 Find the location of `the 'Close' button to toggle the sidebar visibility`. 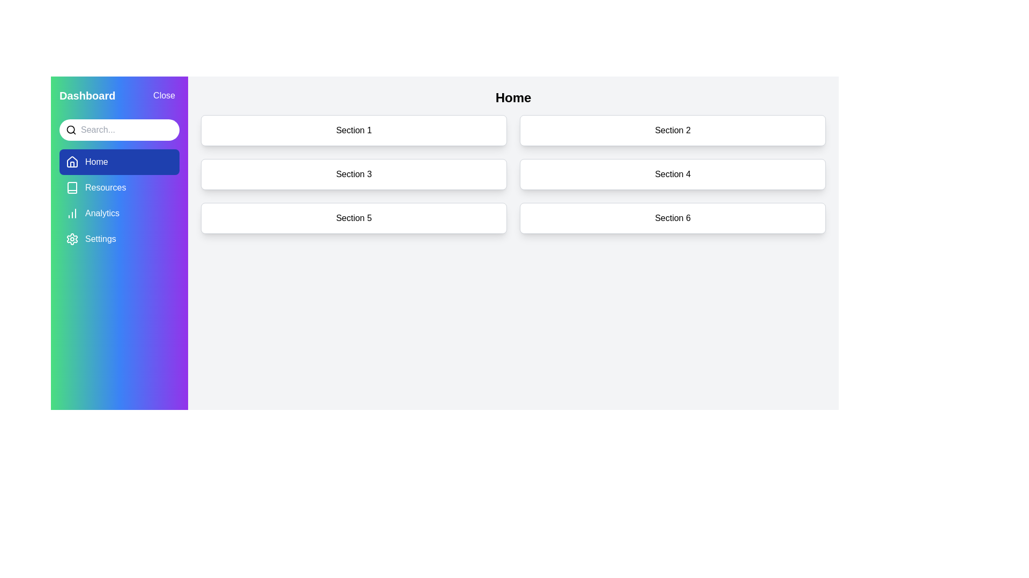

the 'Close' button to toggle the sidebar visibility is located at coordinates (163, 95).